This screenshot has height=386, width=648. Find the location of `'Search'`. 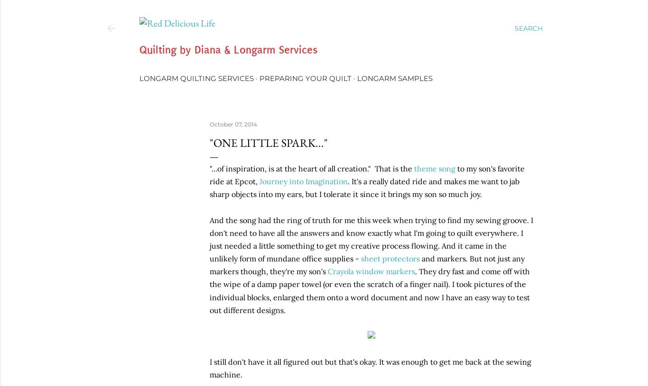

'Search' is located at coordinates (528, 27).